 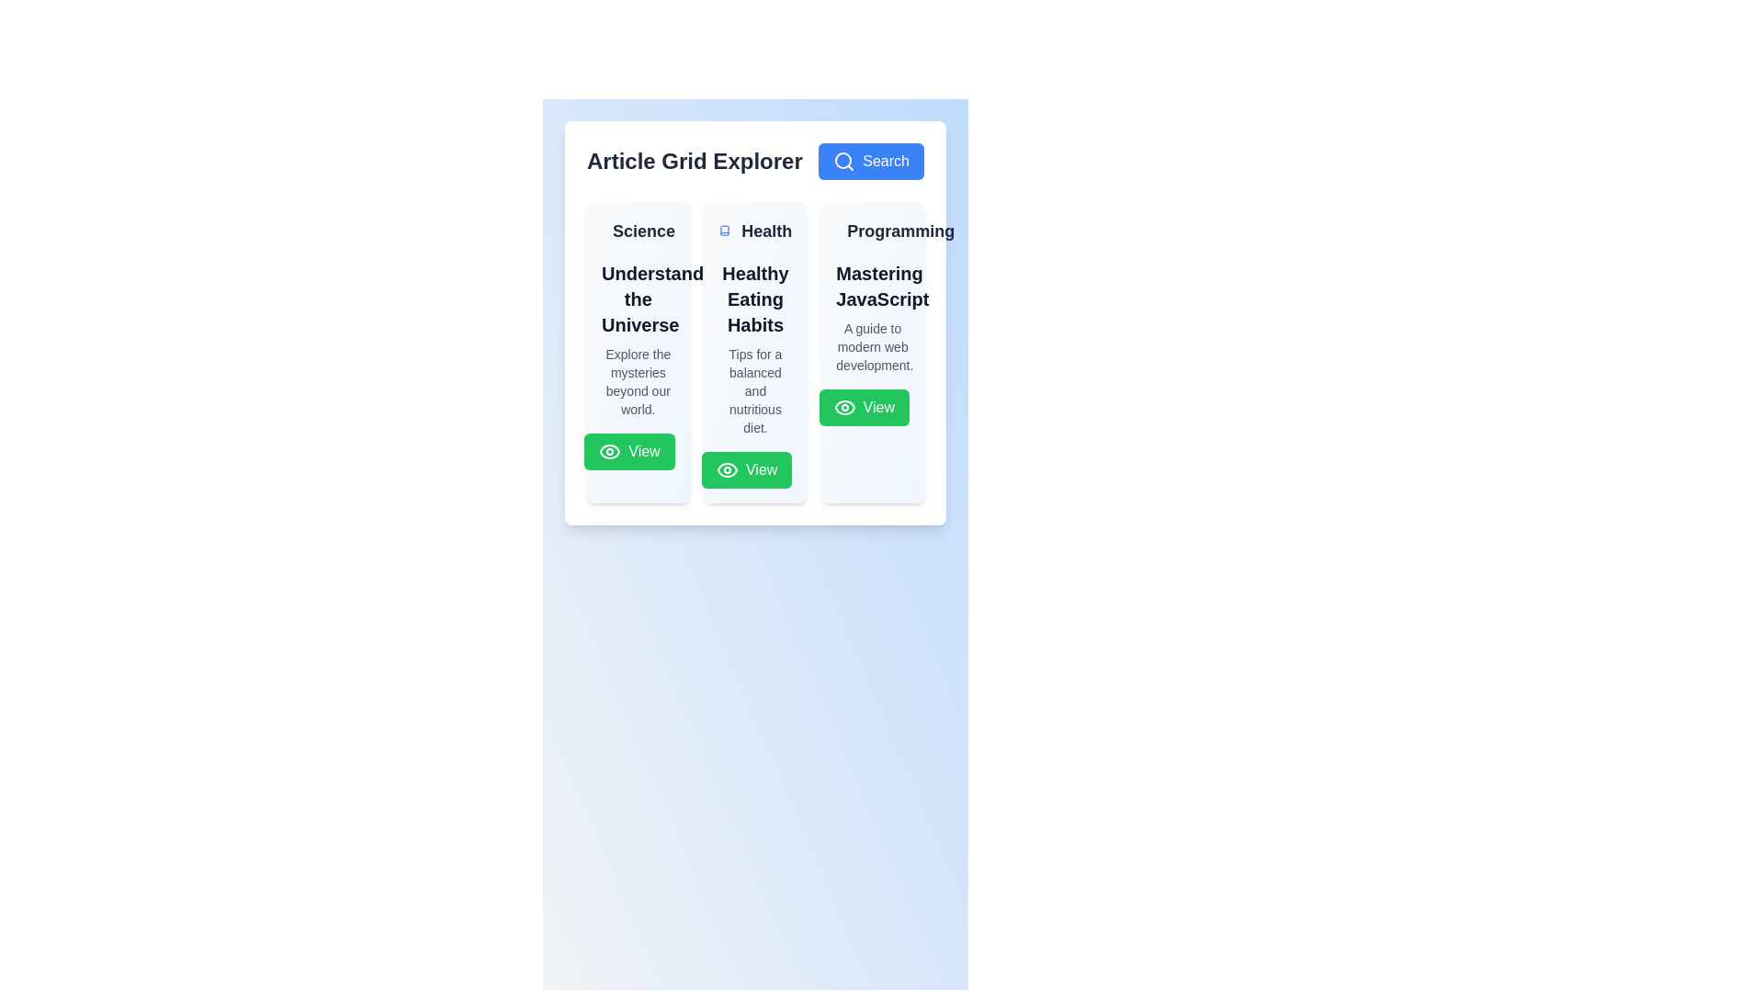 What do you see at coordinates (843, 406) in the screenshot?
I see `the 'View' button icon in the Programming section` at bounding box center [843, 406].